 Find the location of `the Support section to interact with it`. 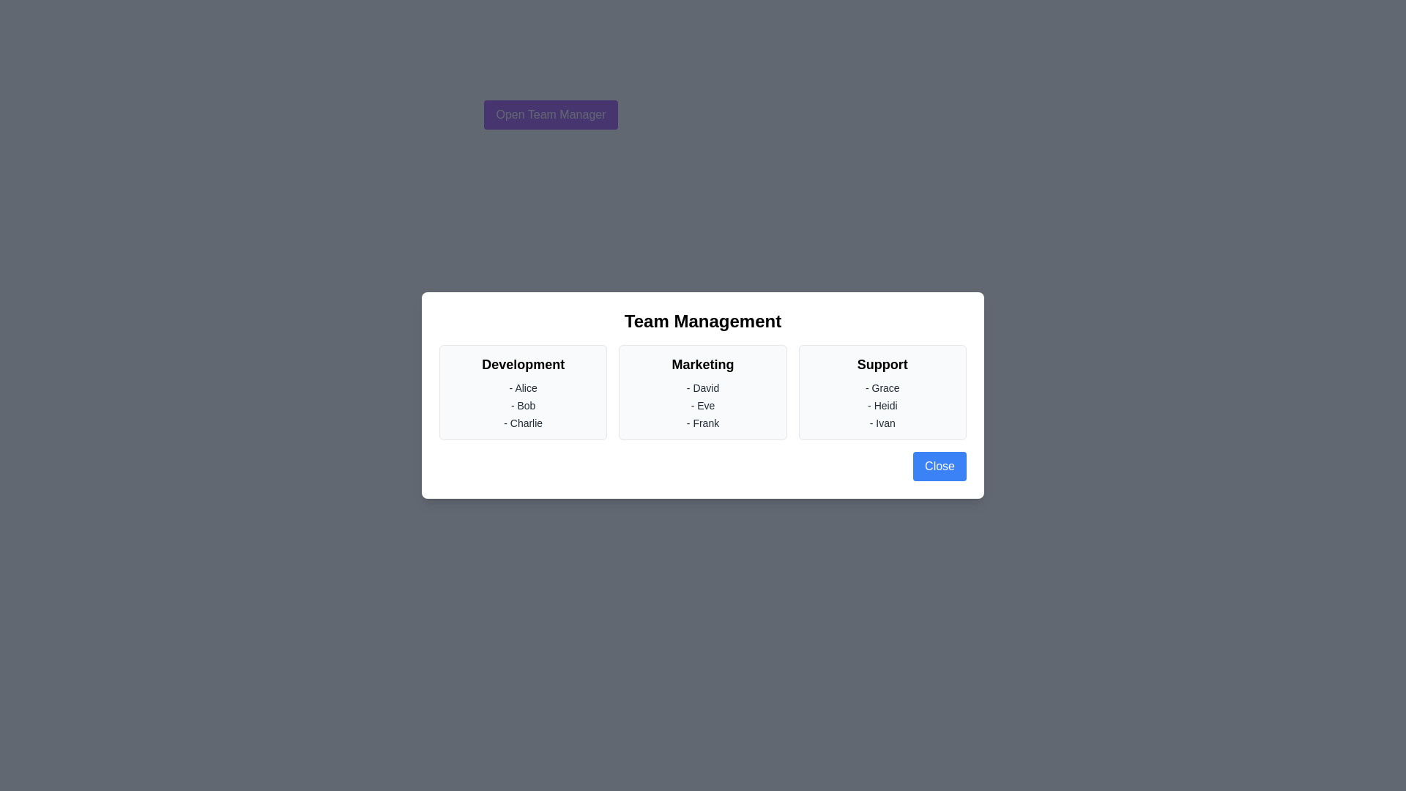

the Support section to interact with it is located at coordinates (882, 392).